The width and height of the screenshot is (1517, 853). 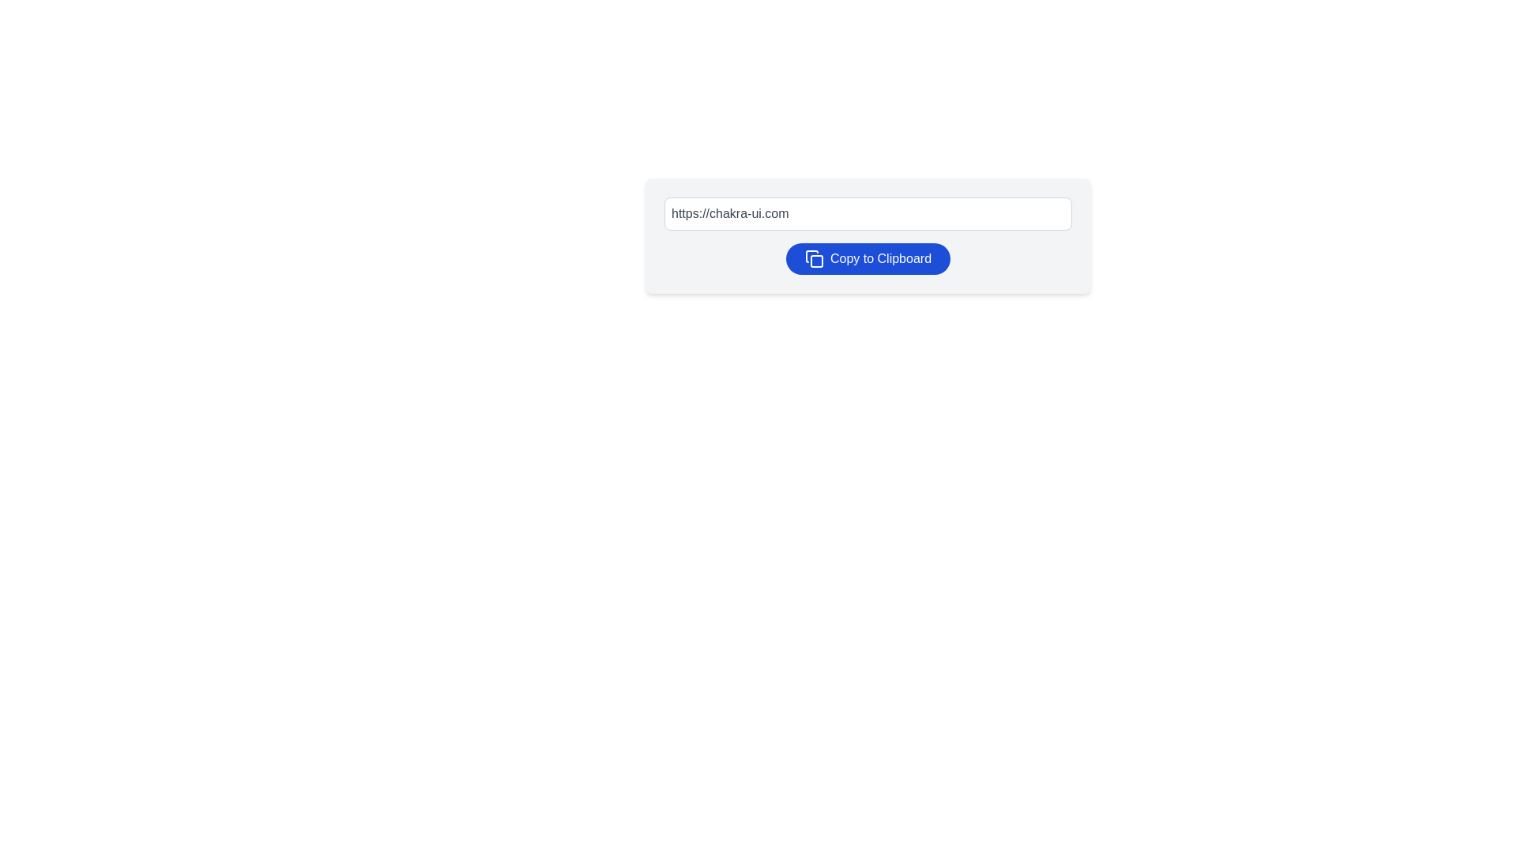 What do you see at coordinates (815, 257) in the screenshot?
I see `the copy icon located on the left side of the 'Copy to Clipboard' button` at bounding box center [815, 257].